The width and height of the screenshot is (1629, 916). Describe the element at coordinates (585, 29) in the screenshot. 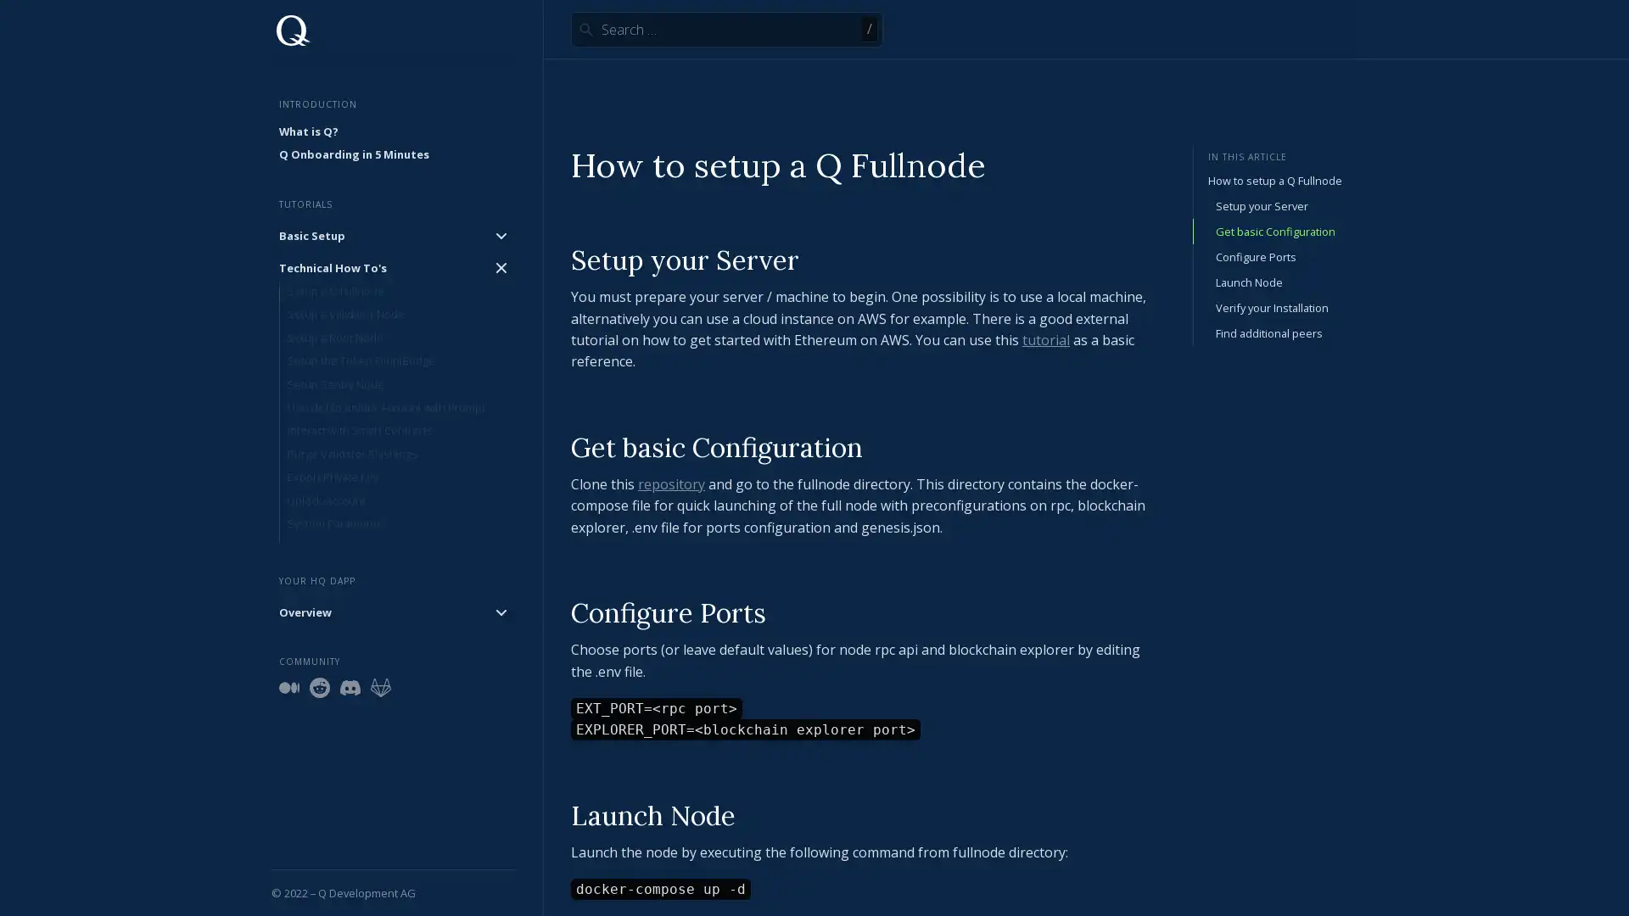

I see `Submit` at that location.